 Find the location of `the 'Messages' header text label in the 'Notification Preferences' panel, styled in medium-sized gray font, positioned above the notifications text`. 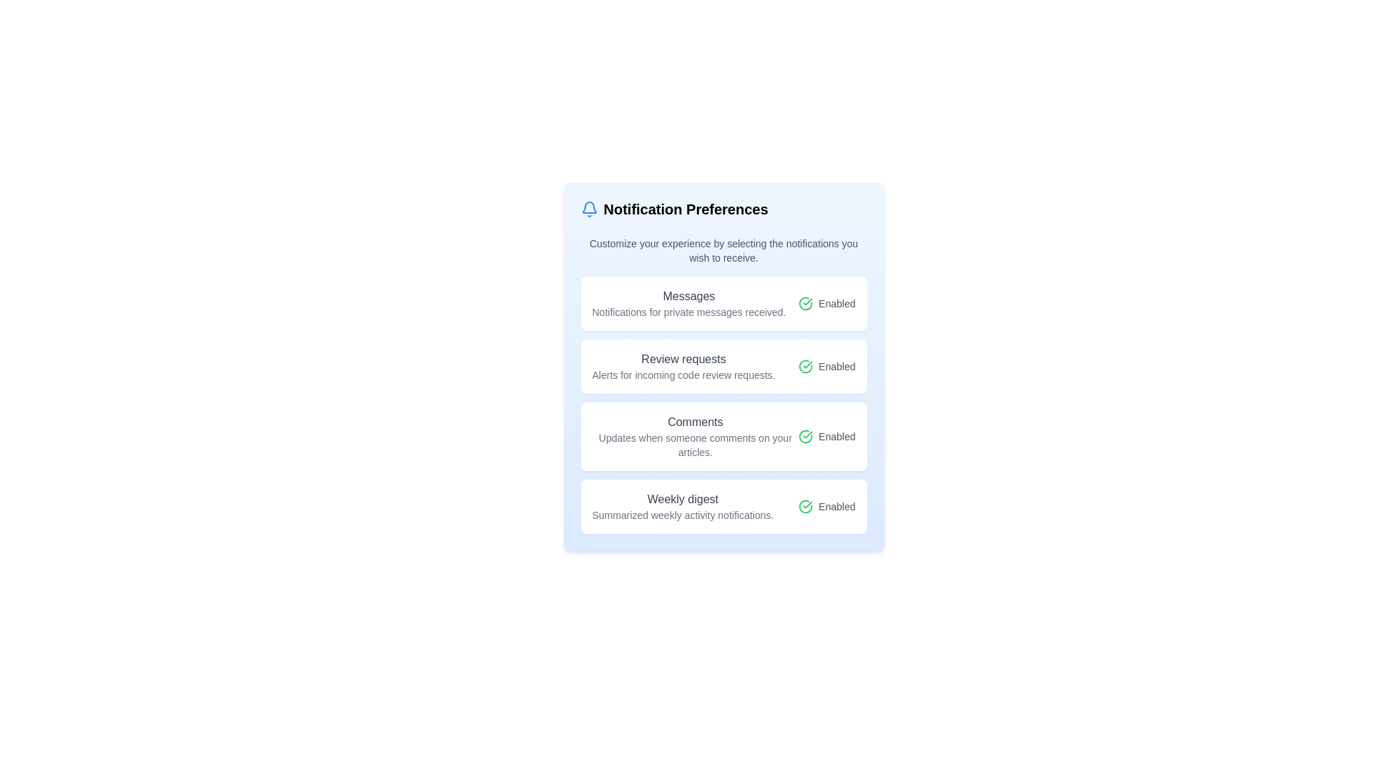

the 'Messages' header text label in the 'Notification Preferences' panel, styled in medium-sized gray font, positioned above the notifications text is located at coordinates (688, 296).